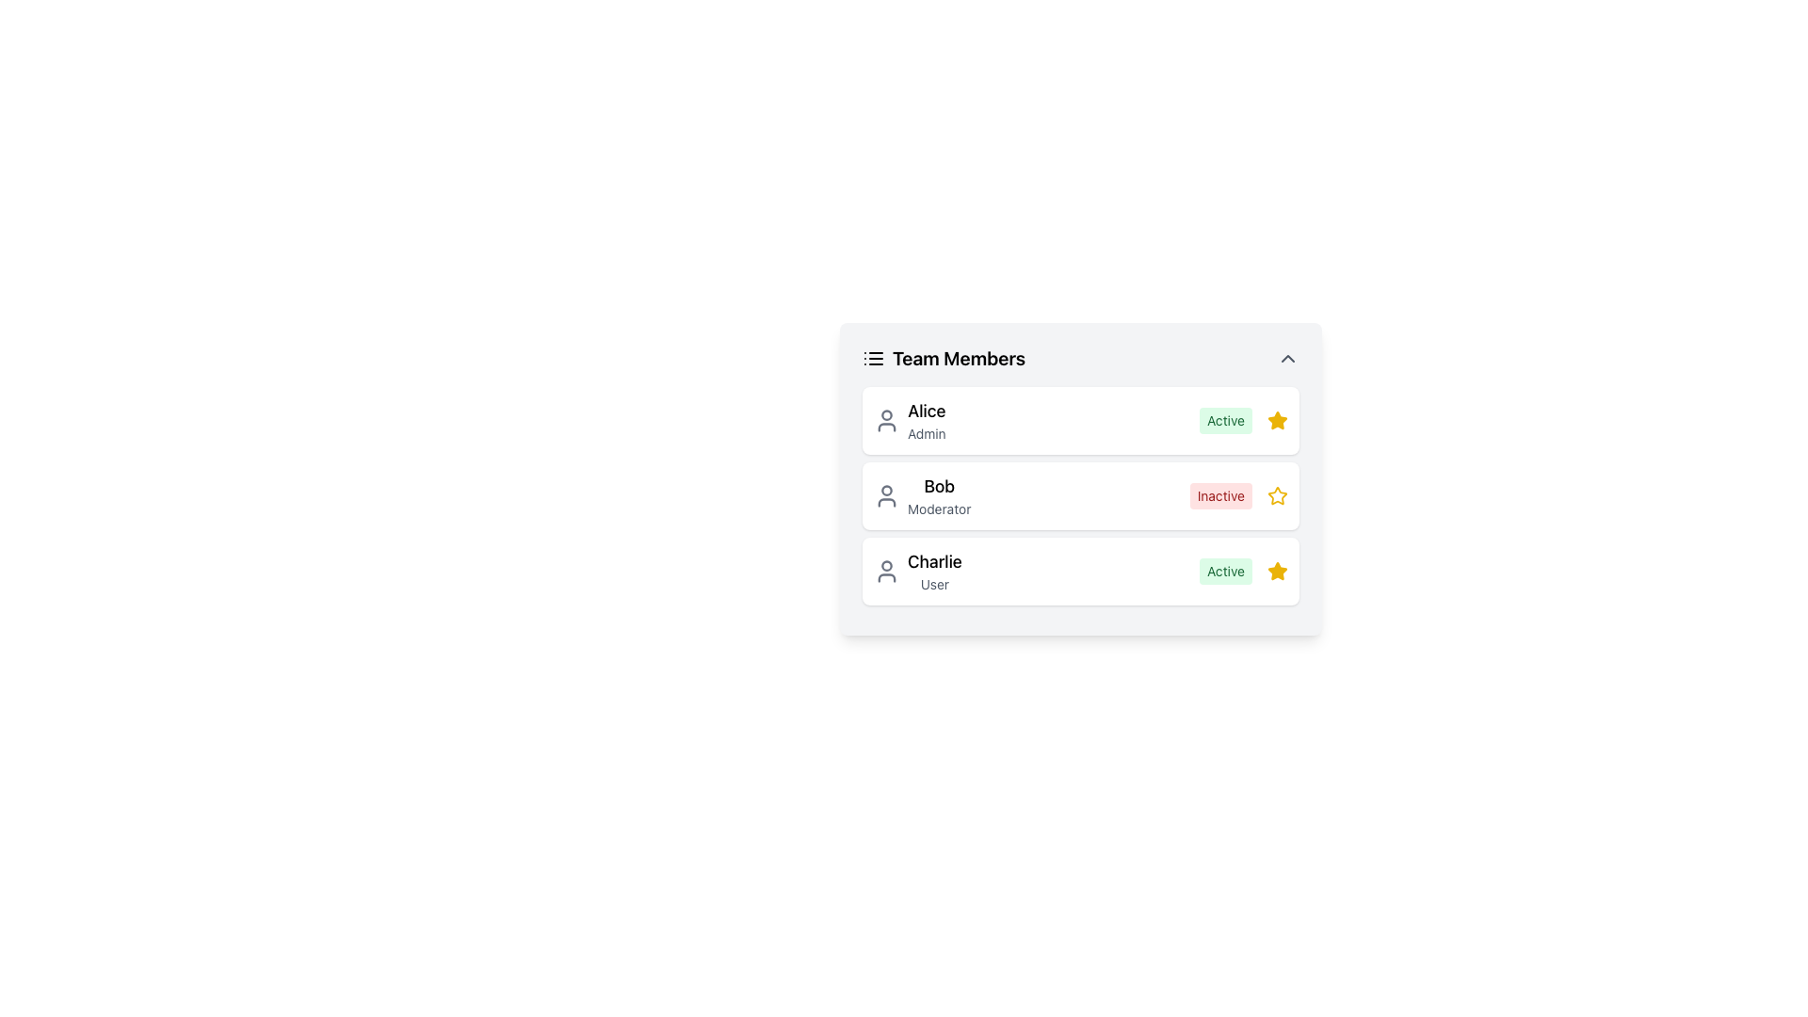 This screenshot has width=1808, height=1017. What do you see at coordinates (885, 413) in the screenshot?
I see `the decorative circle element of user profile icon for Alice, located in the 'Team Members' section, positioned to the left of the text 'Alice'` at bounding box center [885, 413].